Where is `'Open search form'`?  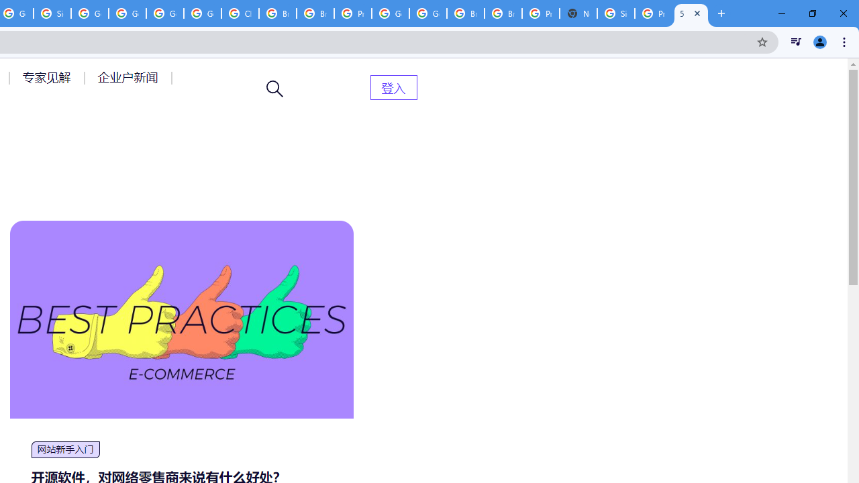 'Open search form' is located at coordinates (274, 89).